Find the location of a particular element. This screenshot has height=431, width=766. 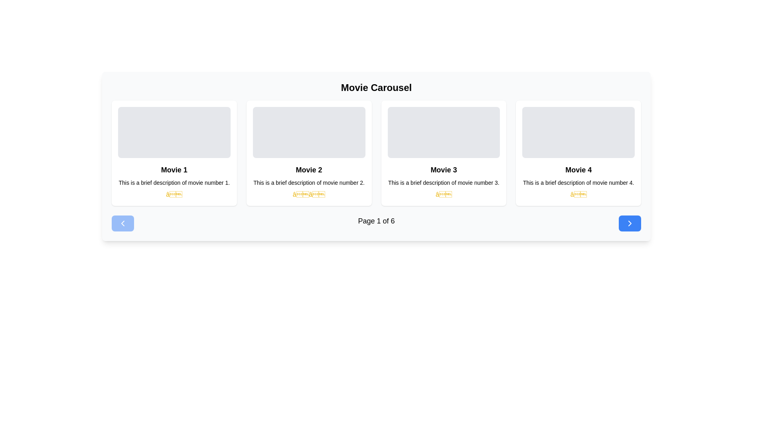

the yellow star icon located below the descriptive text of 'Movie 3', which is centrally aligned in its section is located at coordinates (443, 194).